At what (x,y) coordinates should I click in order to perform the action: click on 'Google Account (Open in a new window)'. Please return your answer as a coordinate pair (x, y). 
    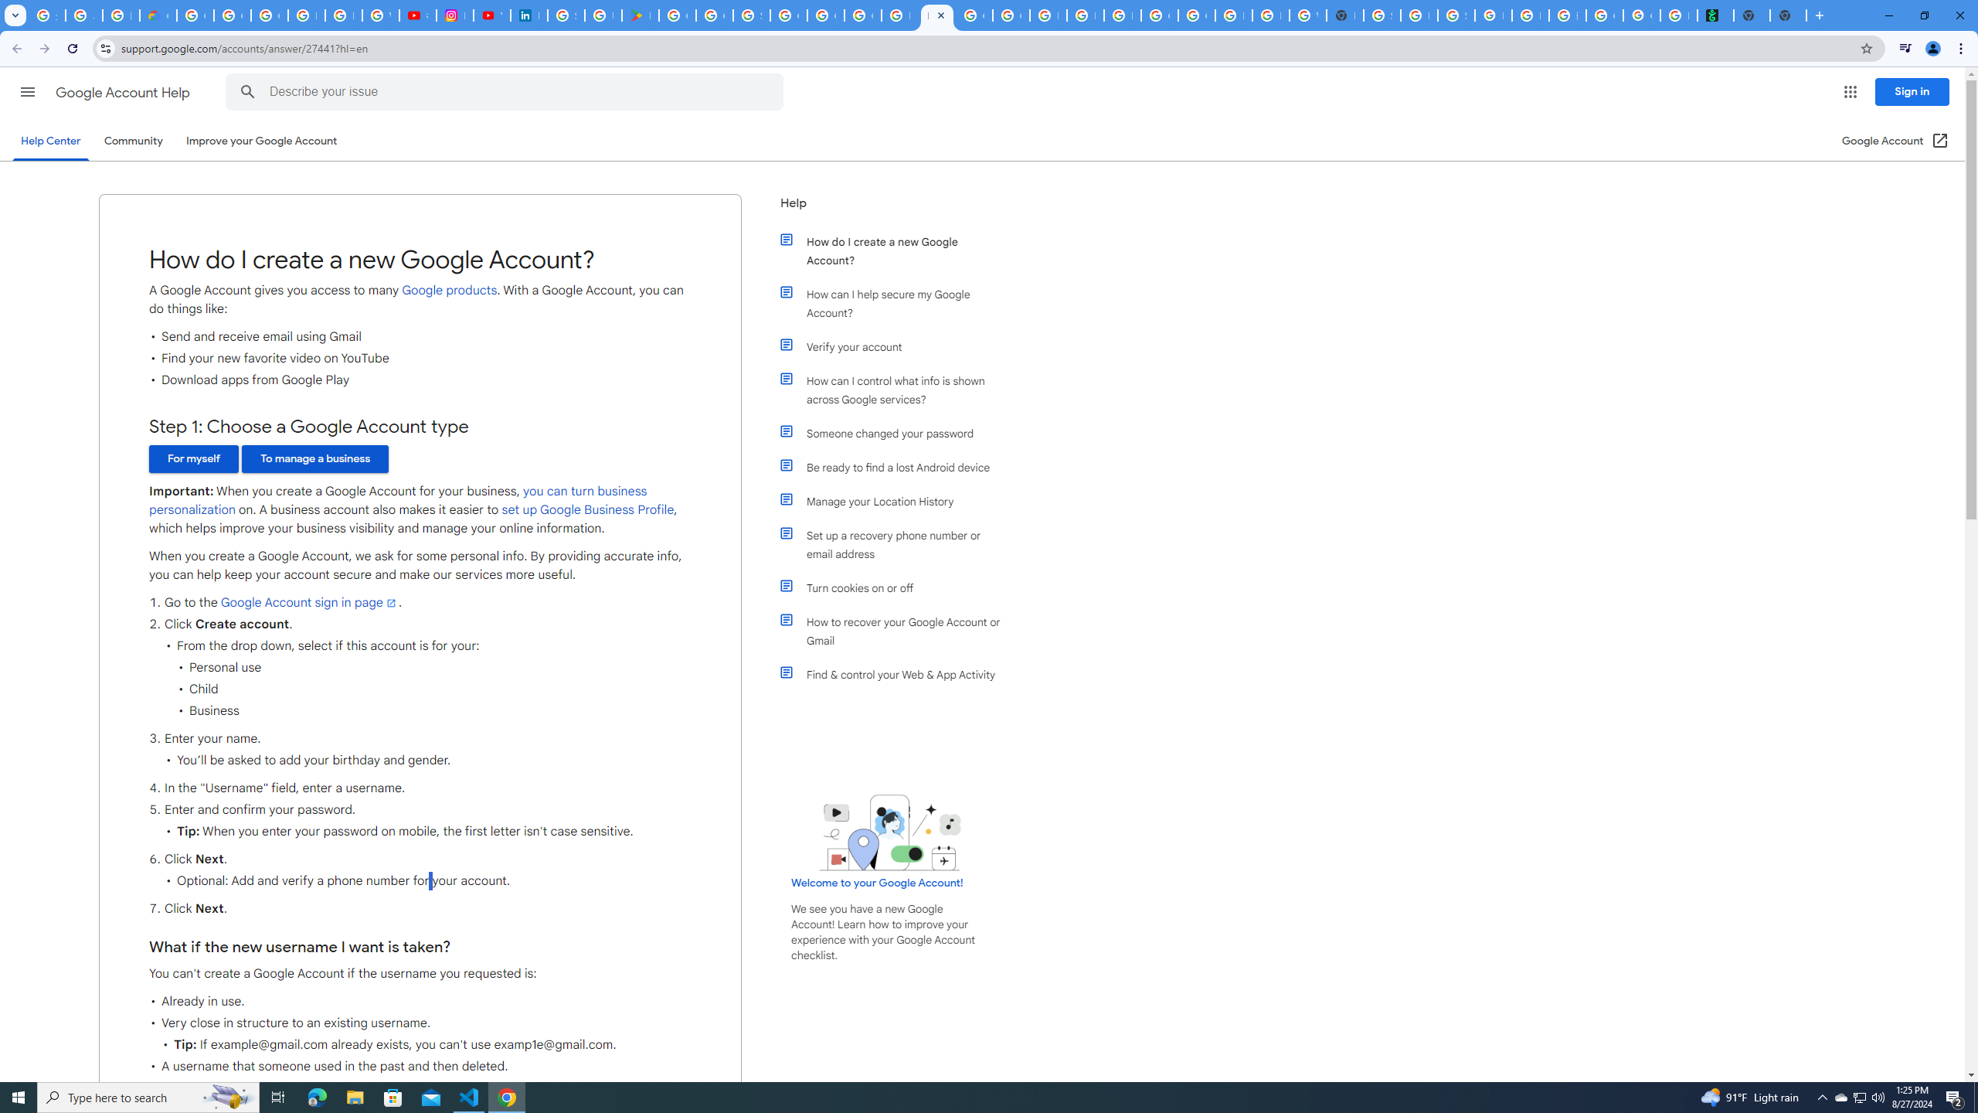
    Looking at the image, I should click on (1895, 140).